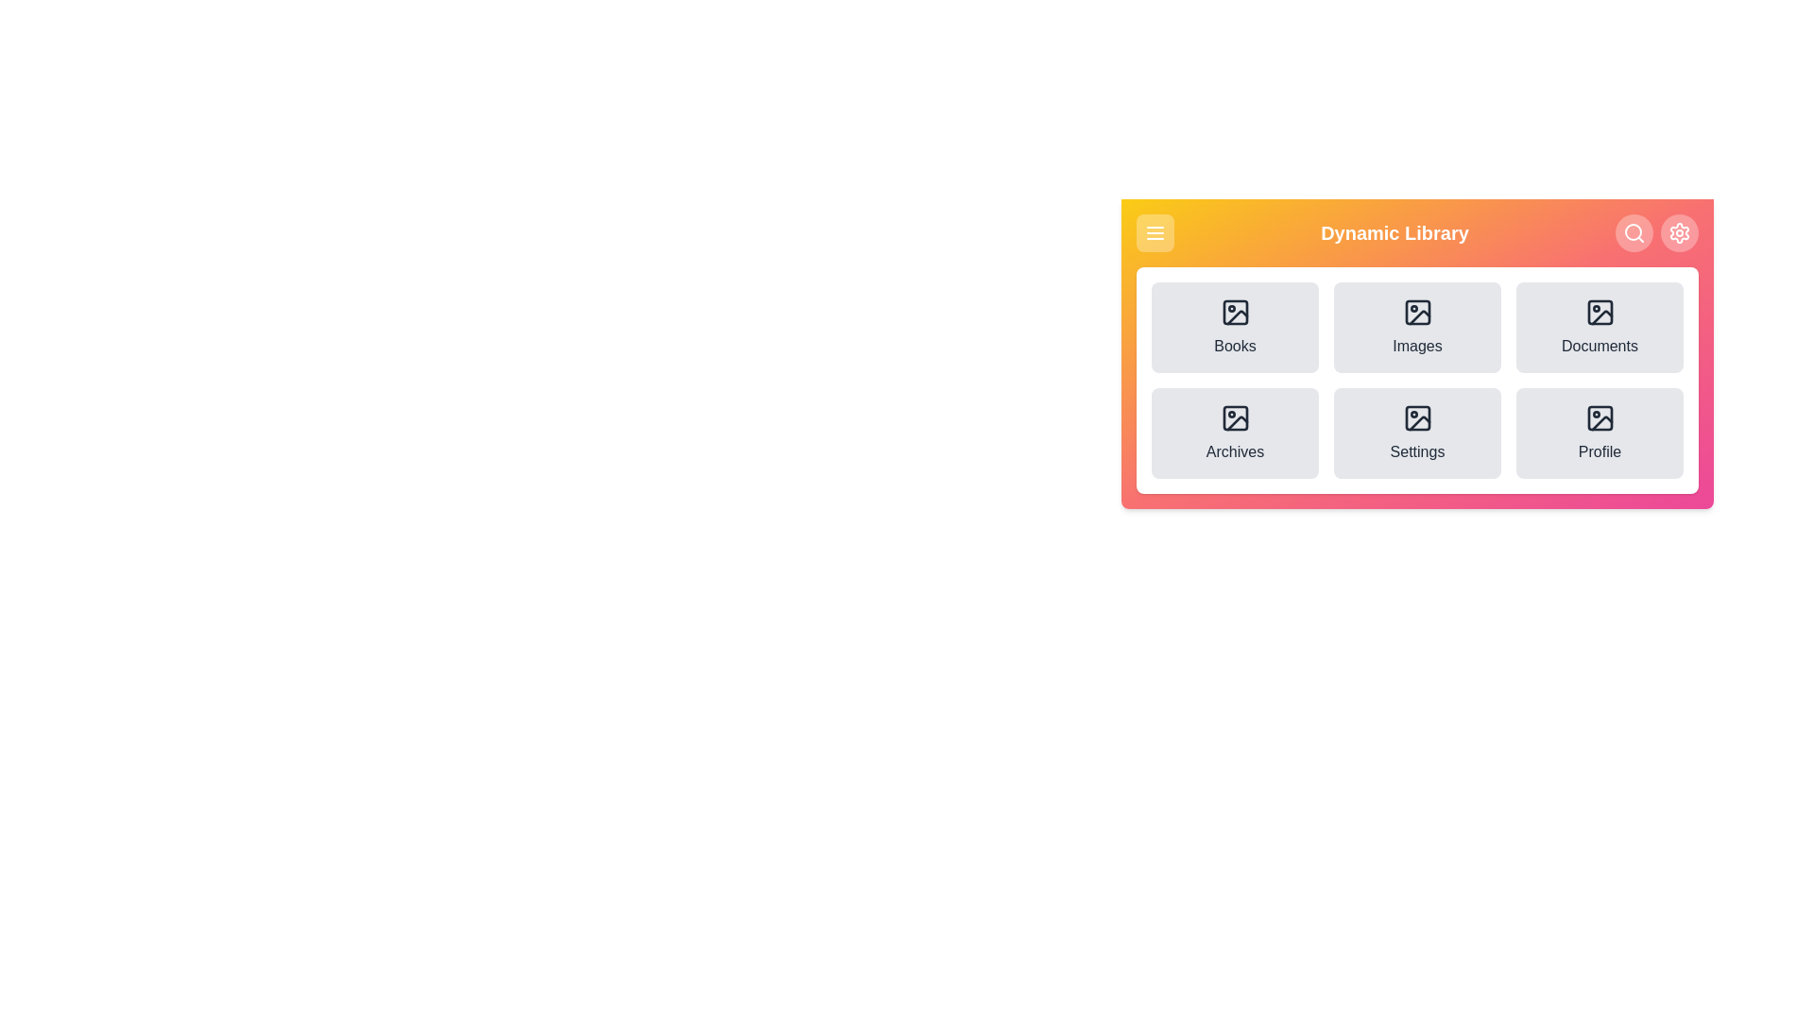  I want to click on the menu option labeled 'Books', so click(1235, 327).